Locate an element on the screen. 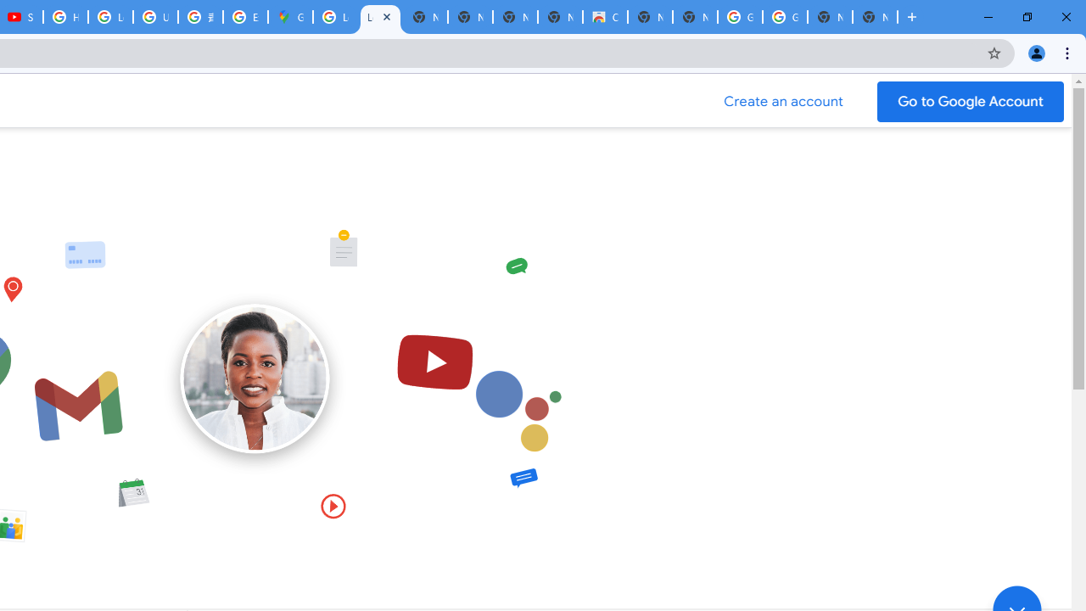 The height and width of the screenshot is (611, 1086). 'Go to your Google Account' is located at coordinates (971, 101).